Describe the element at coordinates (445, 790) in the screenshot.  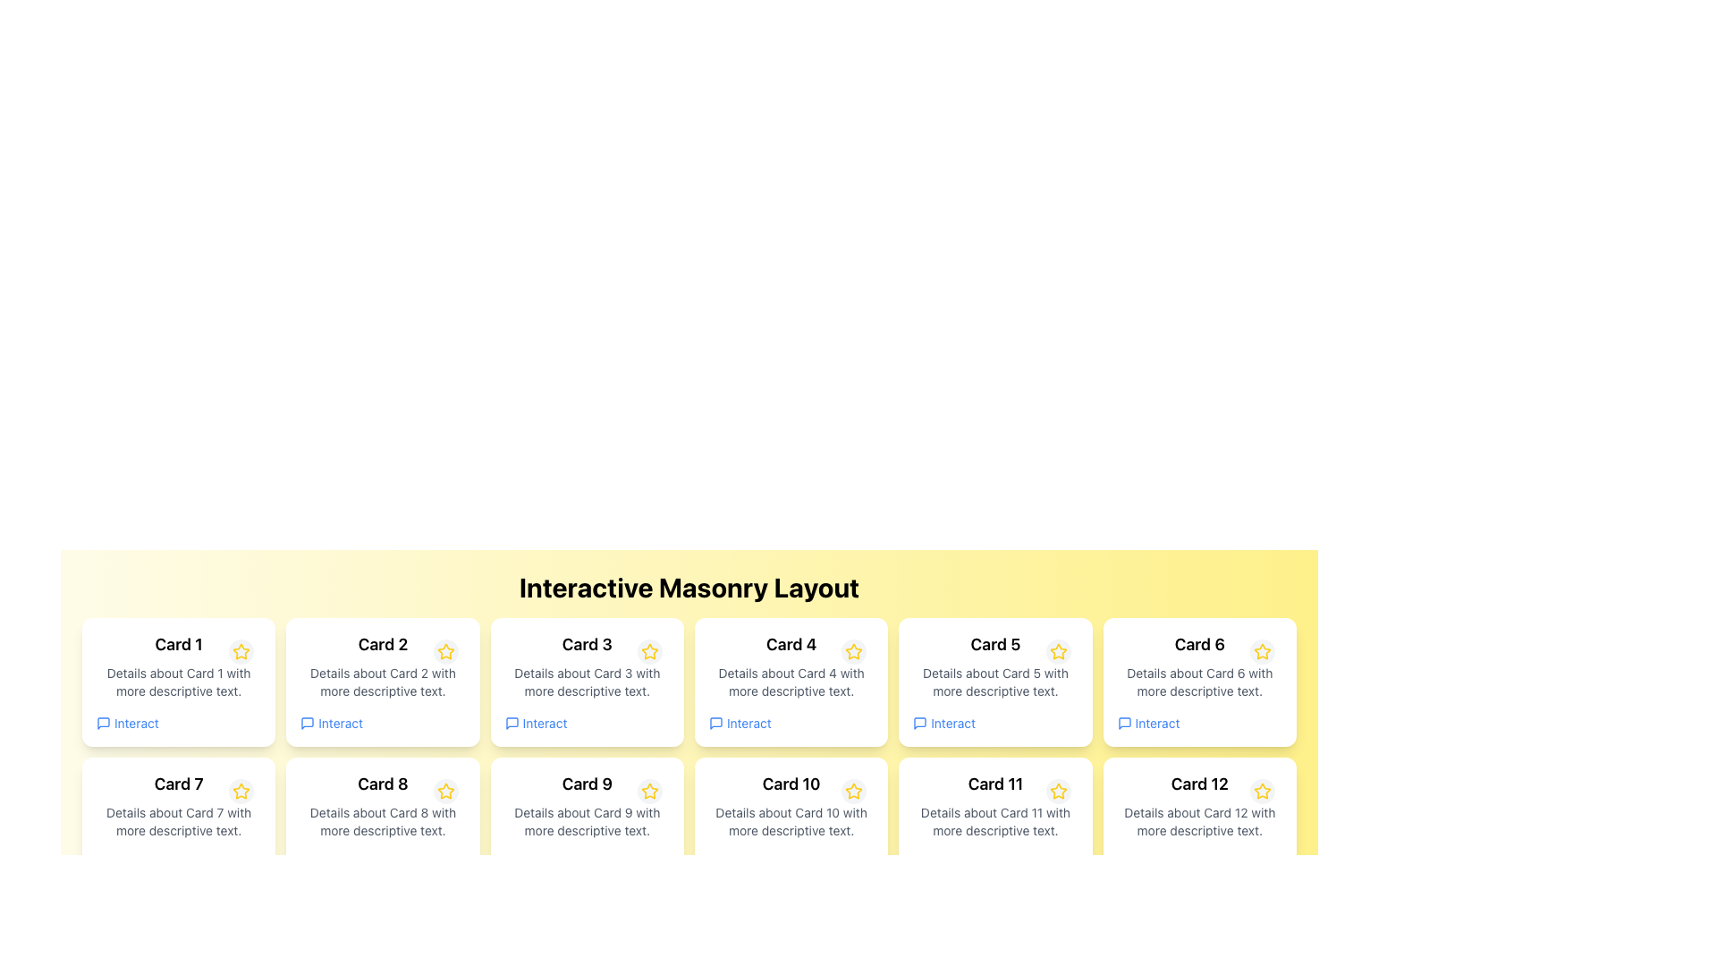
I see `the yellow outlined star icon with a white interior located at the top-right corner of 'Card 8'` at that location.